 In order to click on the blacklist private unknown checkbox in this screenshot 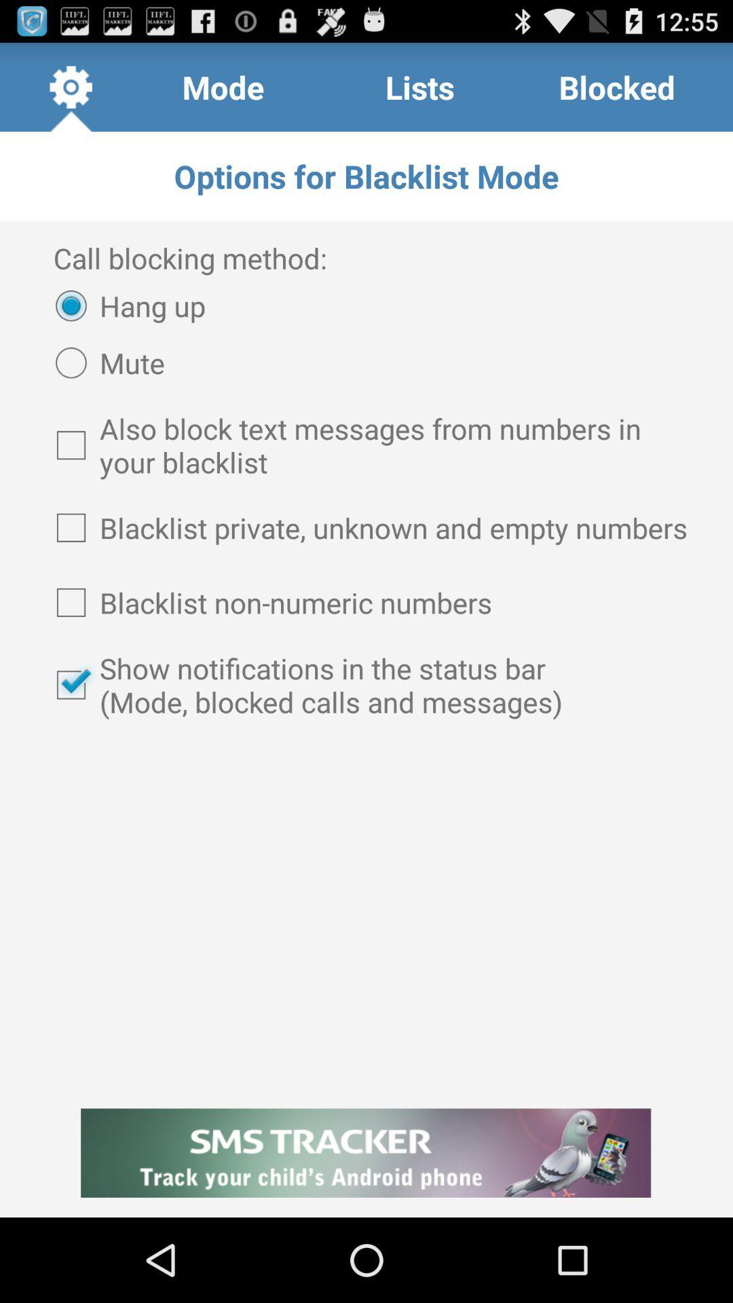, I will do `click(366, 527)`.